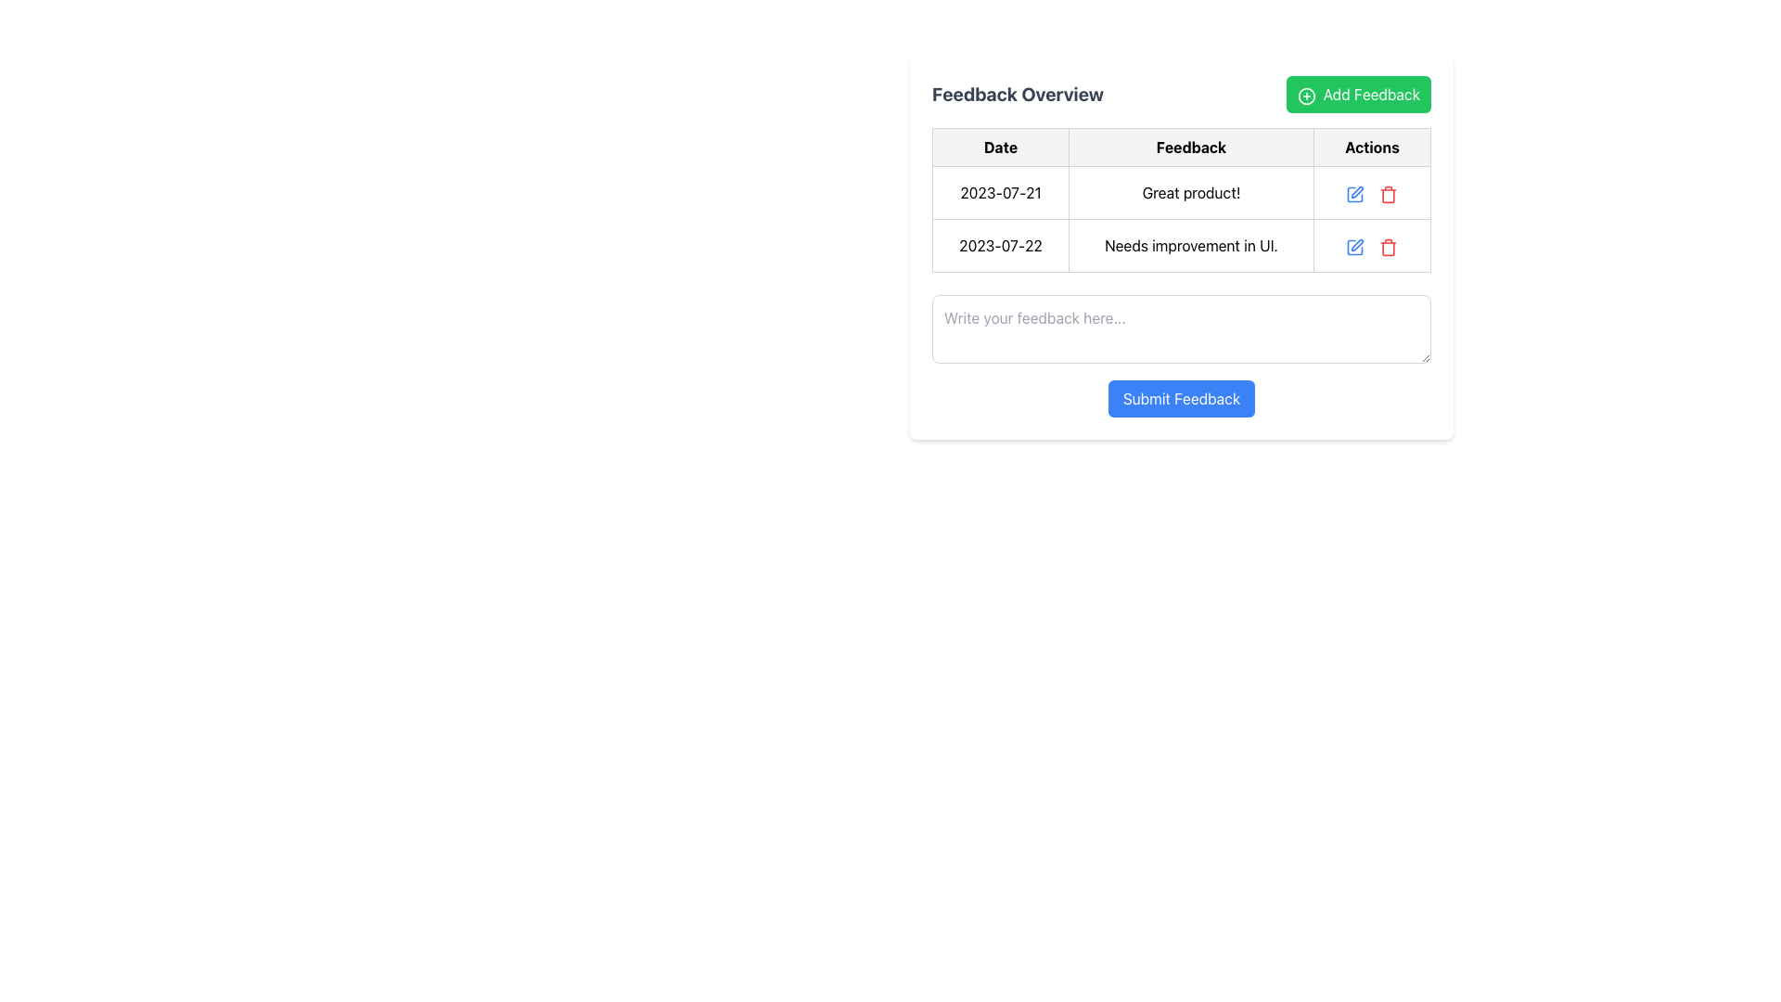 This screenshot has width=1781, height=1002. Describe the element at coordinates (1191, 193) in the screenshot. I see `the feedback text display in the 'Feedback Overview' table, positioned in the second column of the first row` at that location.